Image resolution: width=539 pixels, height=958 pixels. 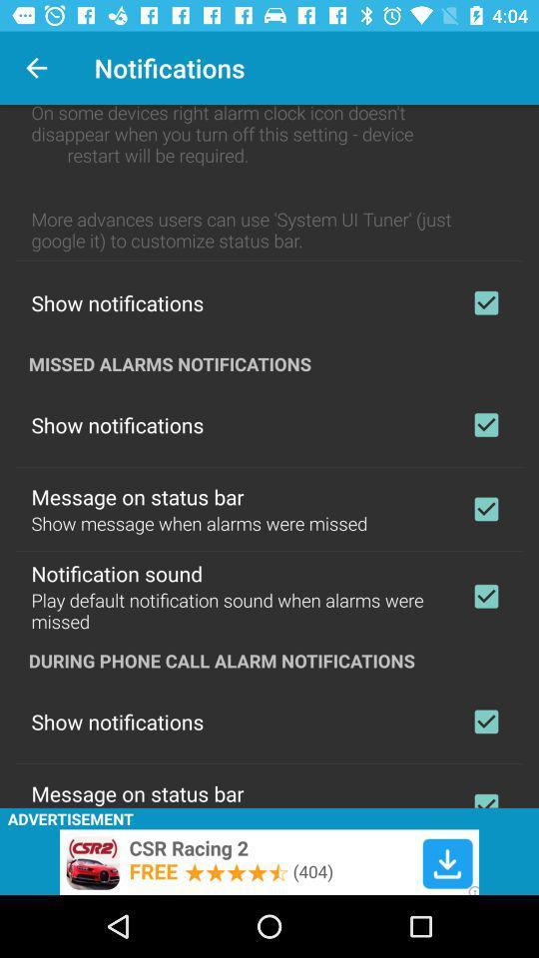 I want to click on enable/disable notification, so click(x=485, y=424).